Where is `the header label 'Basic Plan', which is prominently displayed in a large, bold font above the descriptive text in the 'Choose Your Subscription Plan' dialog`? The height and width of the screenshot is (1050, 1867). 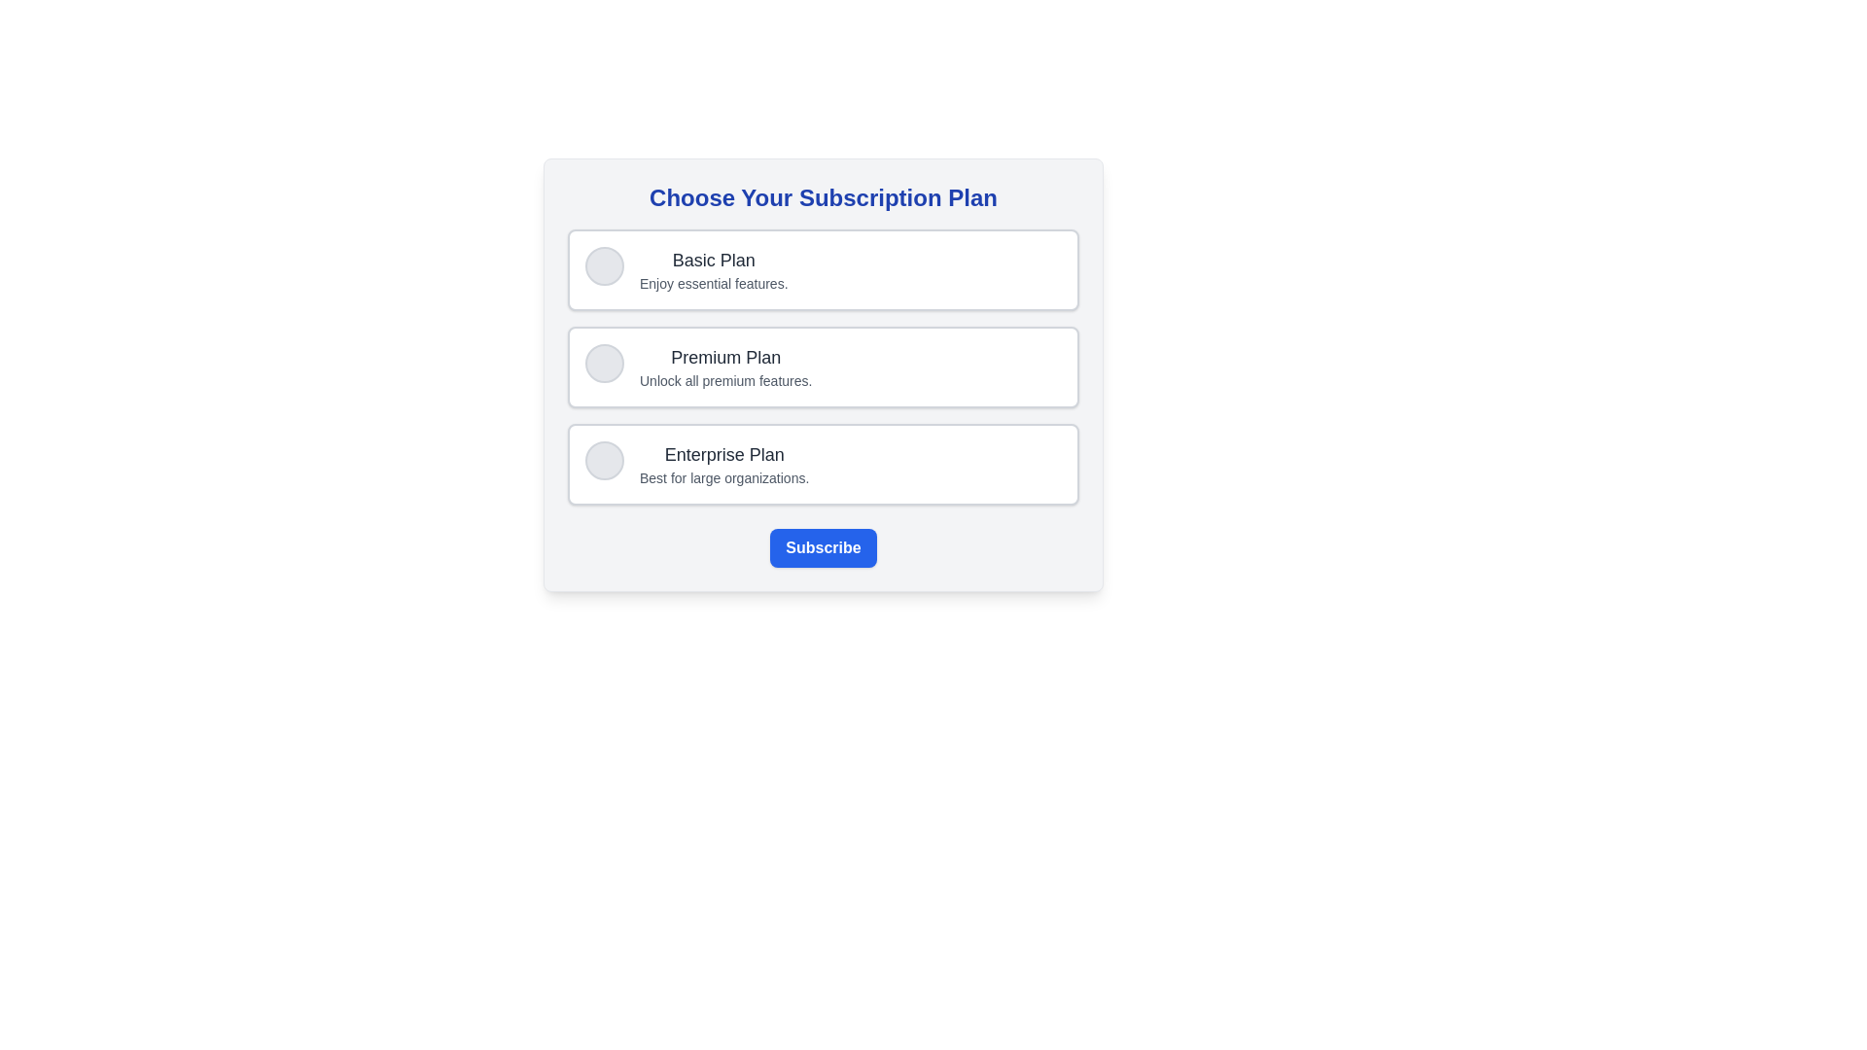
the header label 'Basic Plan', which is prominently displayed in a large, bold font above the descriptive text in the 'Choose Your Subscription Plan' dialog is located at coordinates (713, 259).